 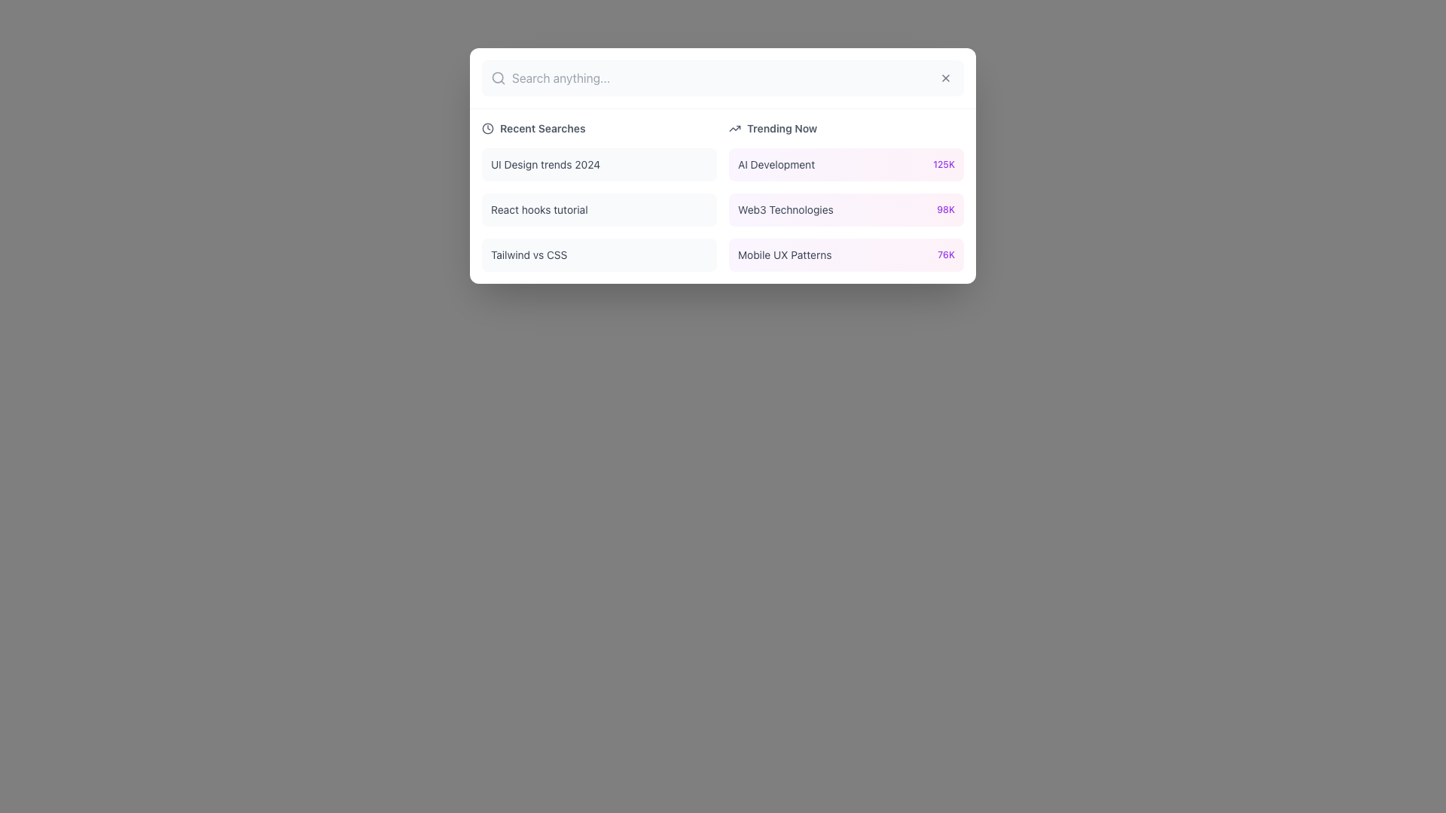 I want to click on the interactive list item labeled 'Mobile UX Patterns' located at the bottom of the 'Trending Now' column, so click(x=846, y=254).